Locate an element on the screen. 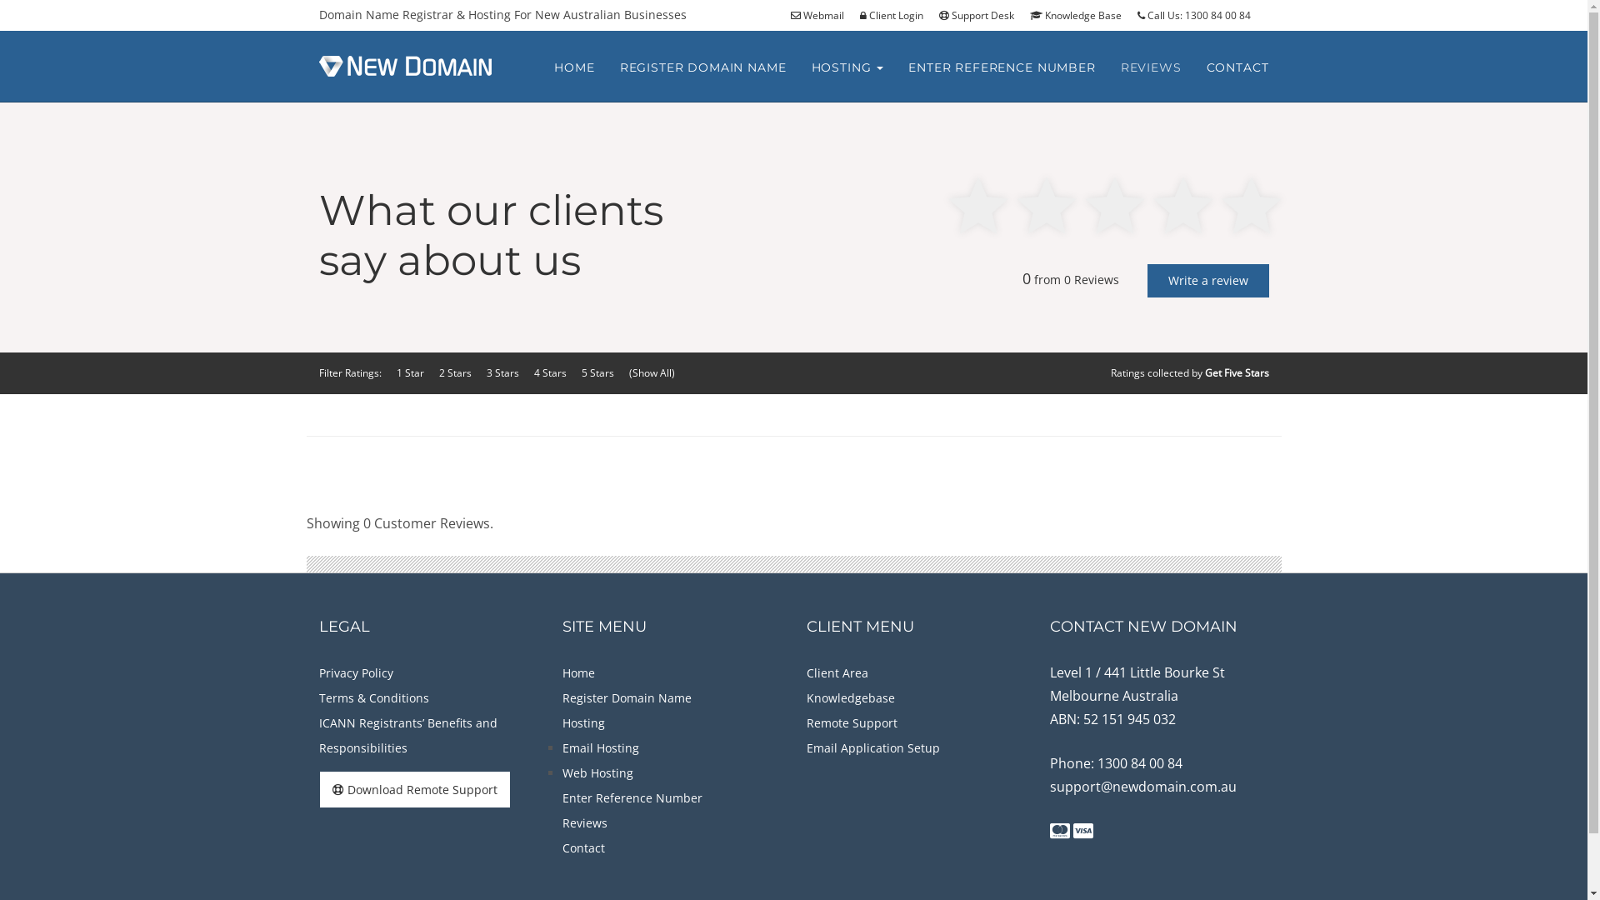 Image resolution: width=1600 pixels, height=900 pixels. 'REVIEWS' is located at coordinates (1150, 67).